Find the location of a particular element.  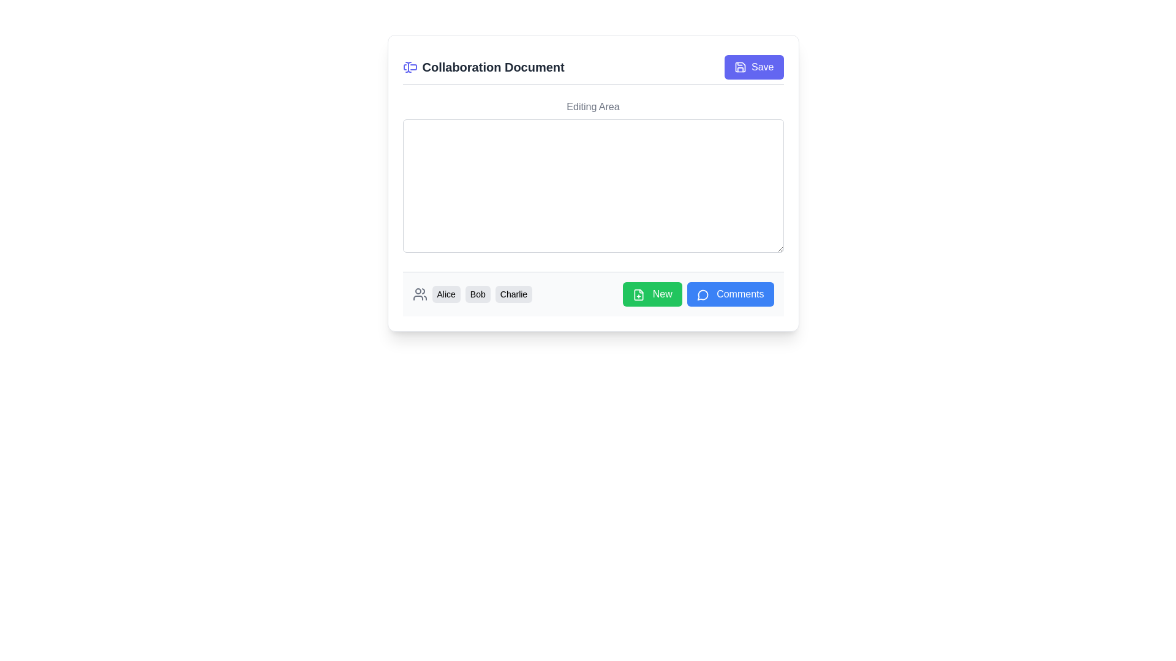

the 'Bob' badge located between 'Alice' and 'Charlie' badges at the bottom of the interface is located at coordinates (472, 294).